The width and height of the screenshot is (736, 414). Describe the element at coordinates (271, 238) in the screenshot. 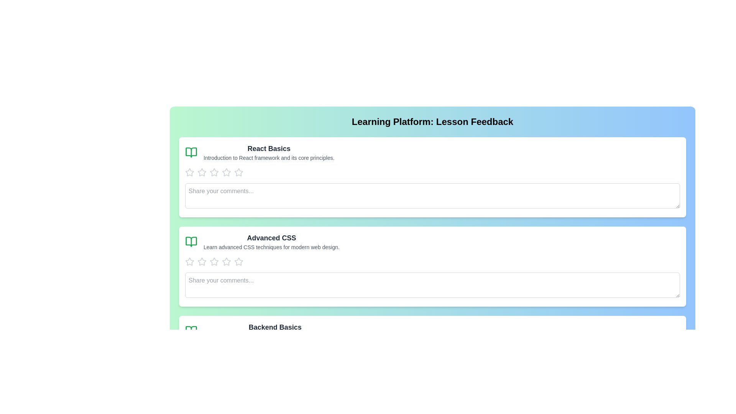

I see `the bold, large-text title labeled 'Advanced CSS', styled in dark gray, which is centrally positioned above descriptive text within the second card of a vertical list` at that location.